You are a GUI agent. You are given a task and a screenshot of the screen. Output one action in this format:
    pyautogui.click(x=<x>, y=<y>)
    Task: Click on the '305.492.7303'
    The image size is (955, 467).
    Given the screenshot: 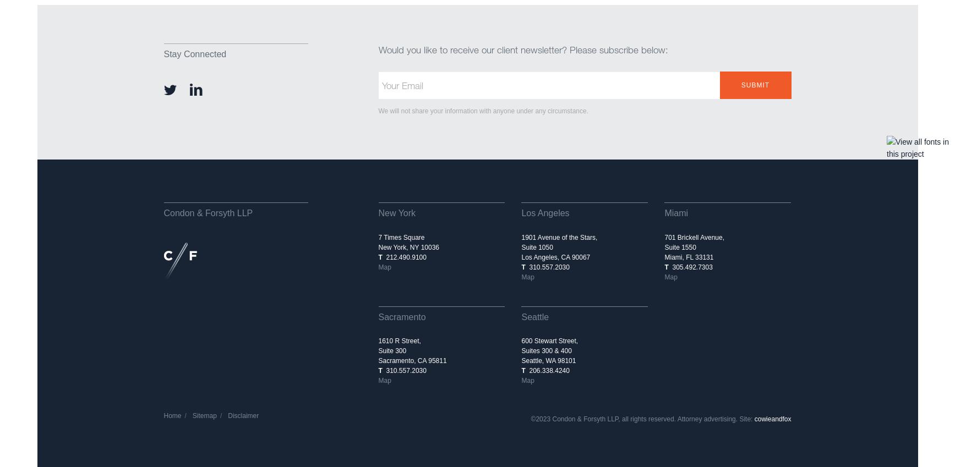 What is the action you would take?
    pyautogui.click(x=690, y=266)
    